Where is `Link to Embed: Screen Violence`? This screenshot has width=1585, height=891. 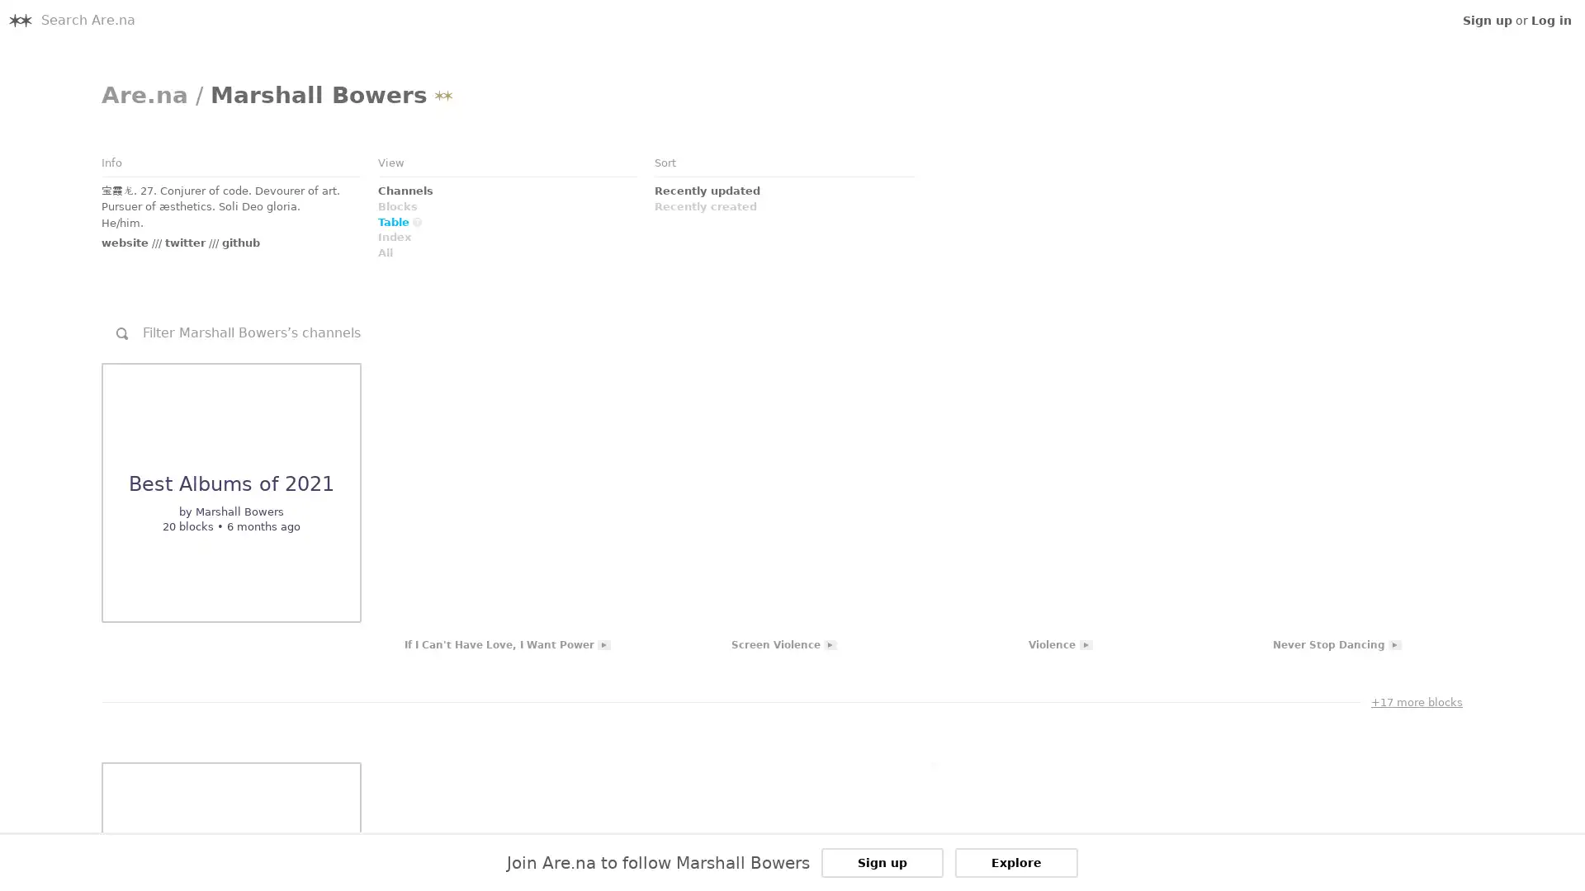
Link to Embed: Screen Violence is located at coordinates (783, 491).